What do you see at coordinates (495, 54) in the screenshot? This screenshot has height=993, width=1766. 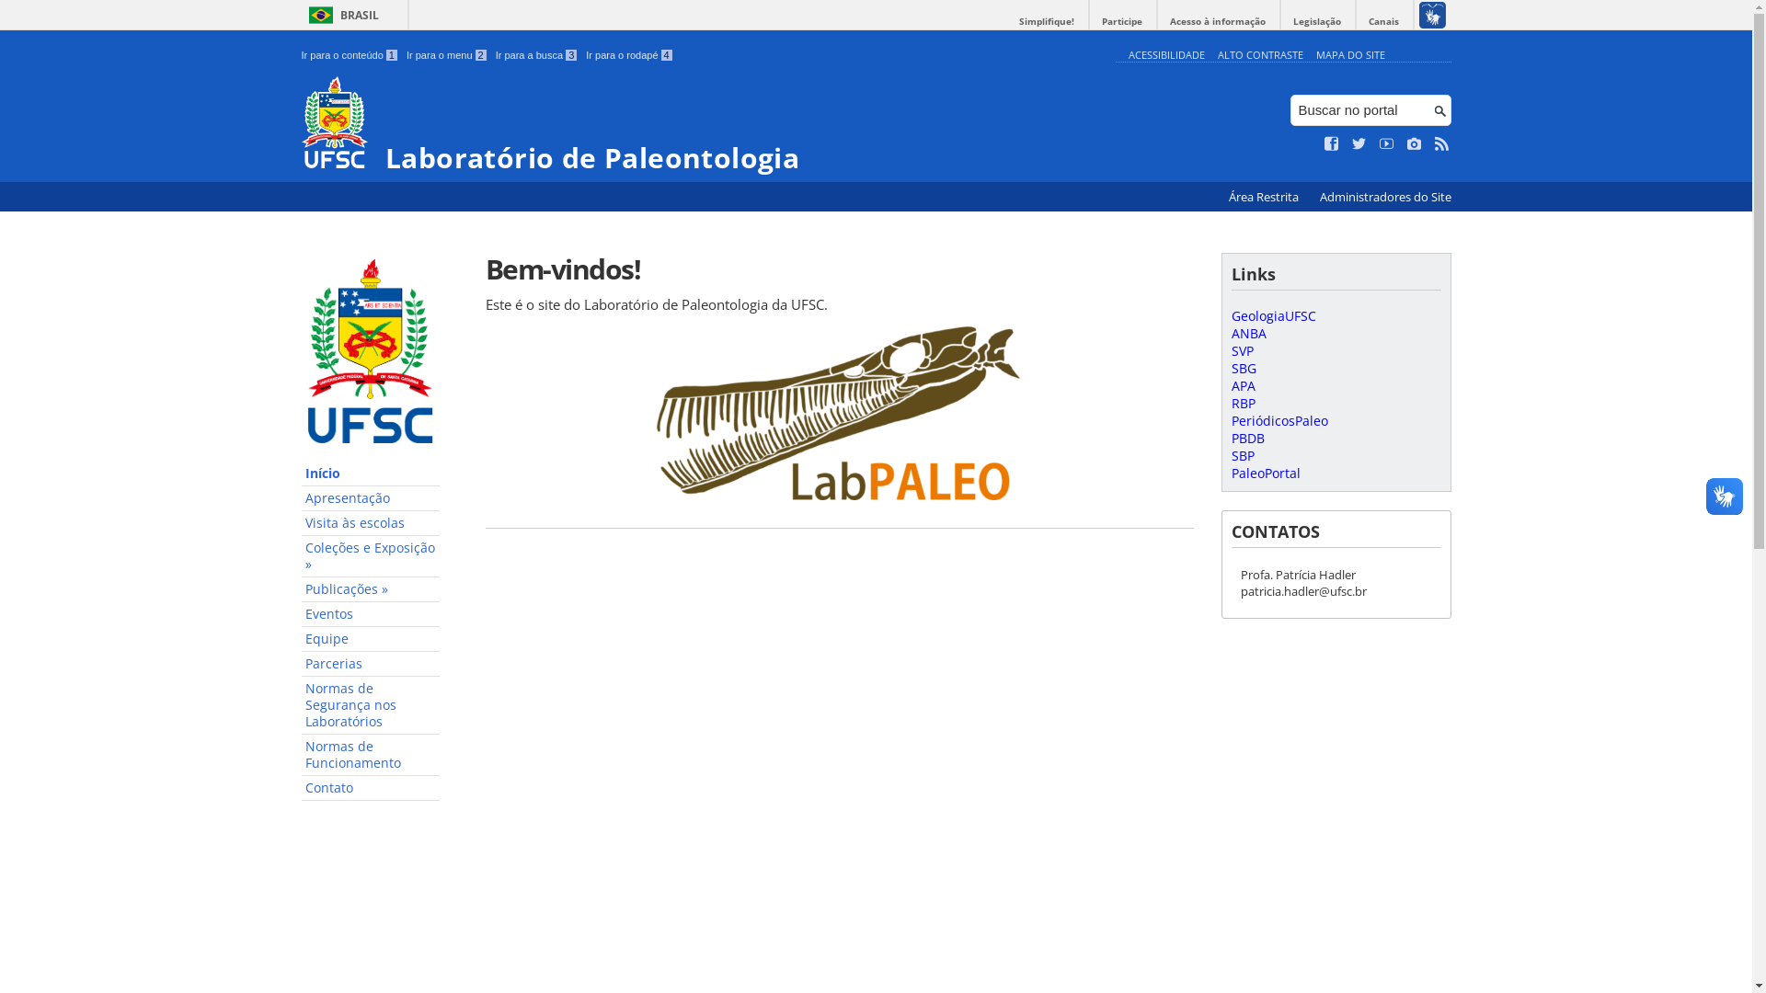 I see `'Ir para a busca 3'` at bounding box center [495, 54].